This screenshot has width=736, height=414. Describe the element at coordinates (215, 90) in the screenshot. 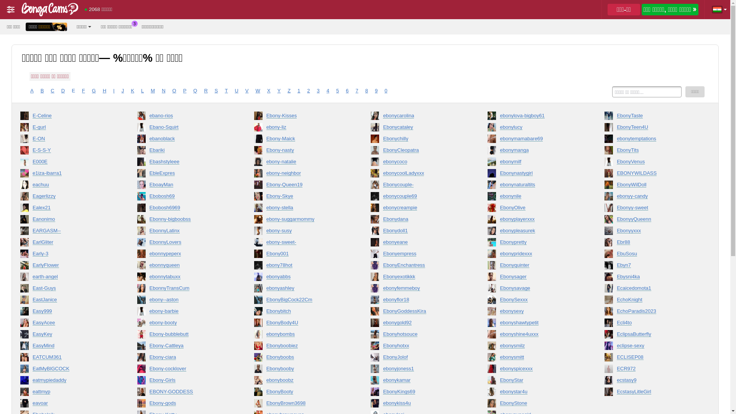

I see `'S'` at that location.